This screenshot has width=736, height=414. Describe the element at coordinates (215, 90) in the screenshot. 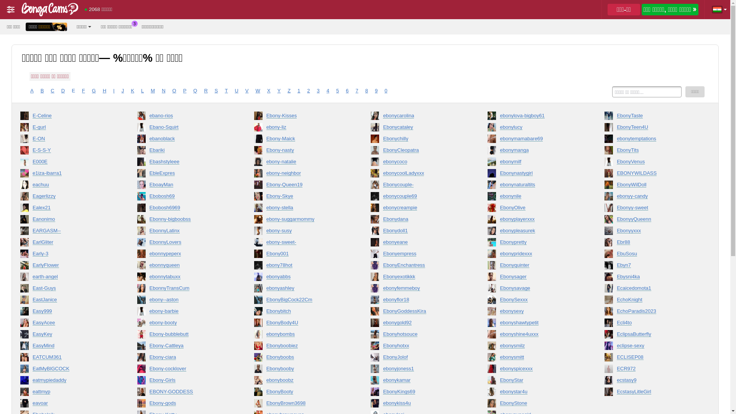

I see `'S'` at that location.